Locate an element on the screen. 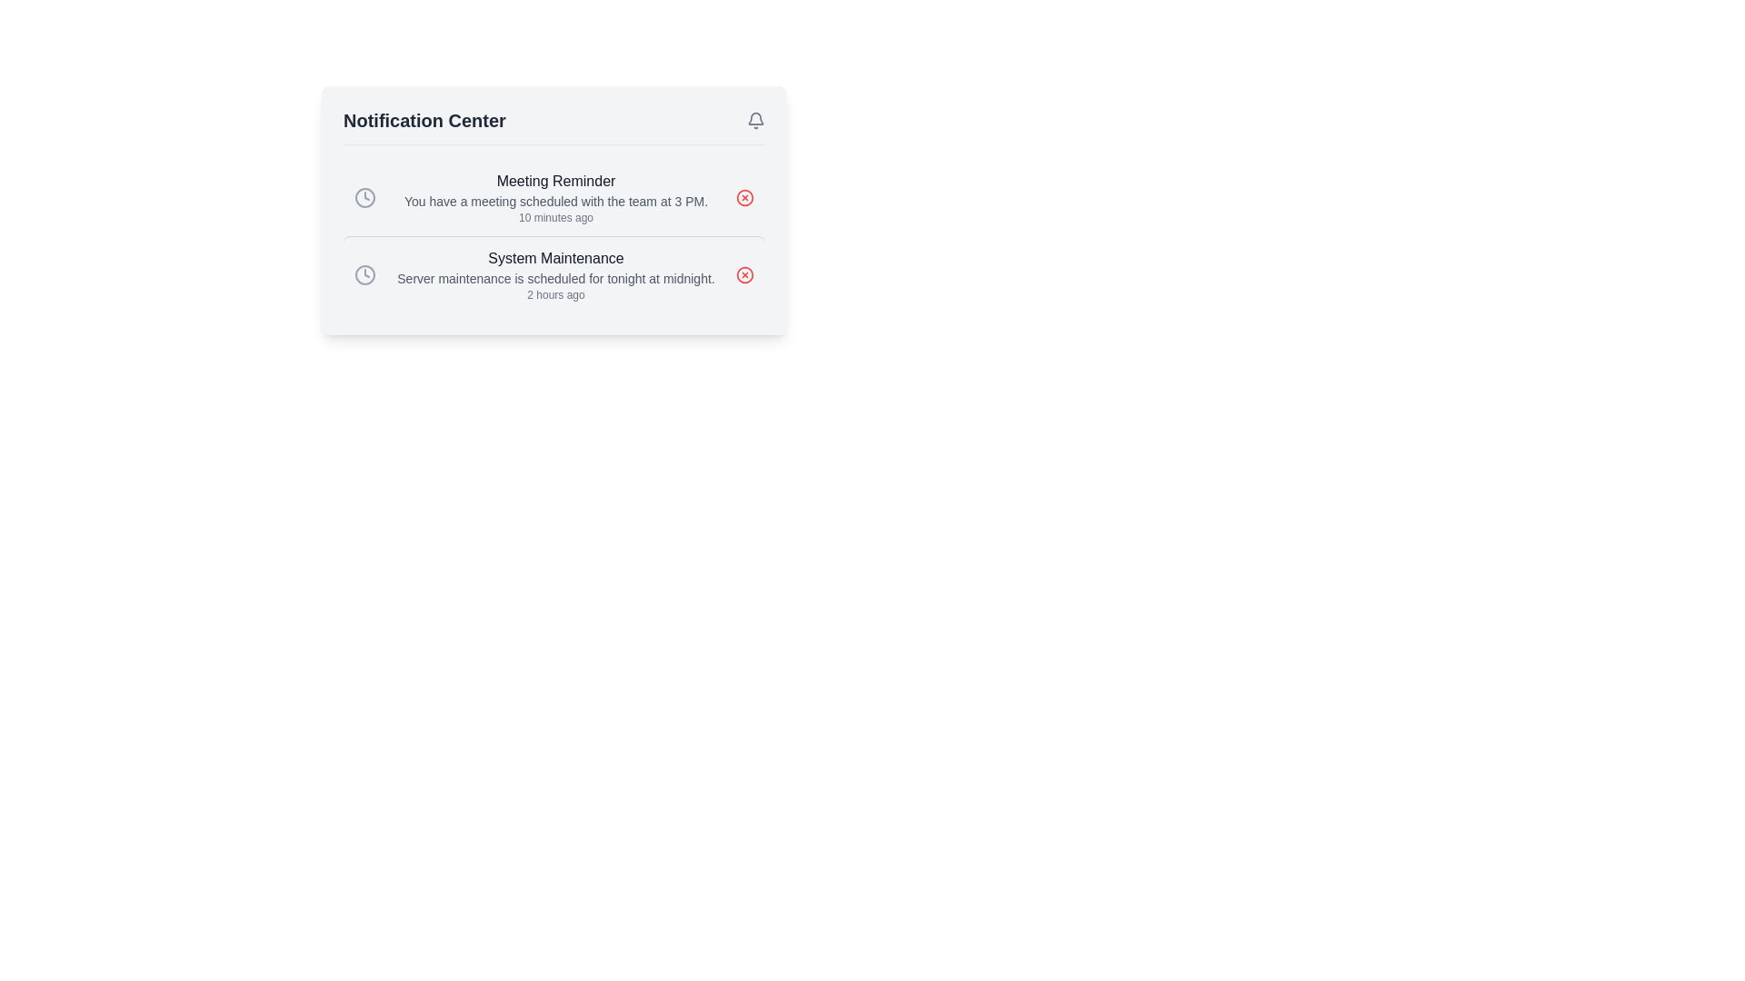 The image size is (1745, 981). the first notification entry in the Notification Center, which informs about a scheduled meeting is located at coordinates (553, 198).